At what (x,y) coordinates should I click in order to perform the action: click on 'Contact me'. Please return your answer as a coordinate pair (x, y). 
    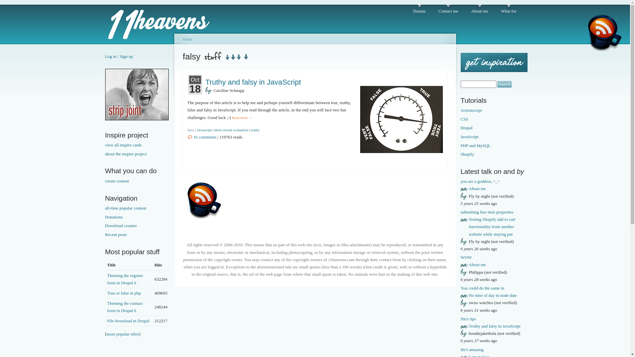
    Looking at the image, I should click on (448, 10).